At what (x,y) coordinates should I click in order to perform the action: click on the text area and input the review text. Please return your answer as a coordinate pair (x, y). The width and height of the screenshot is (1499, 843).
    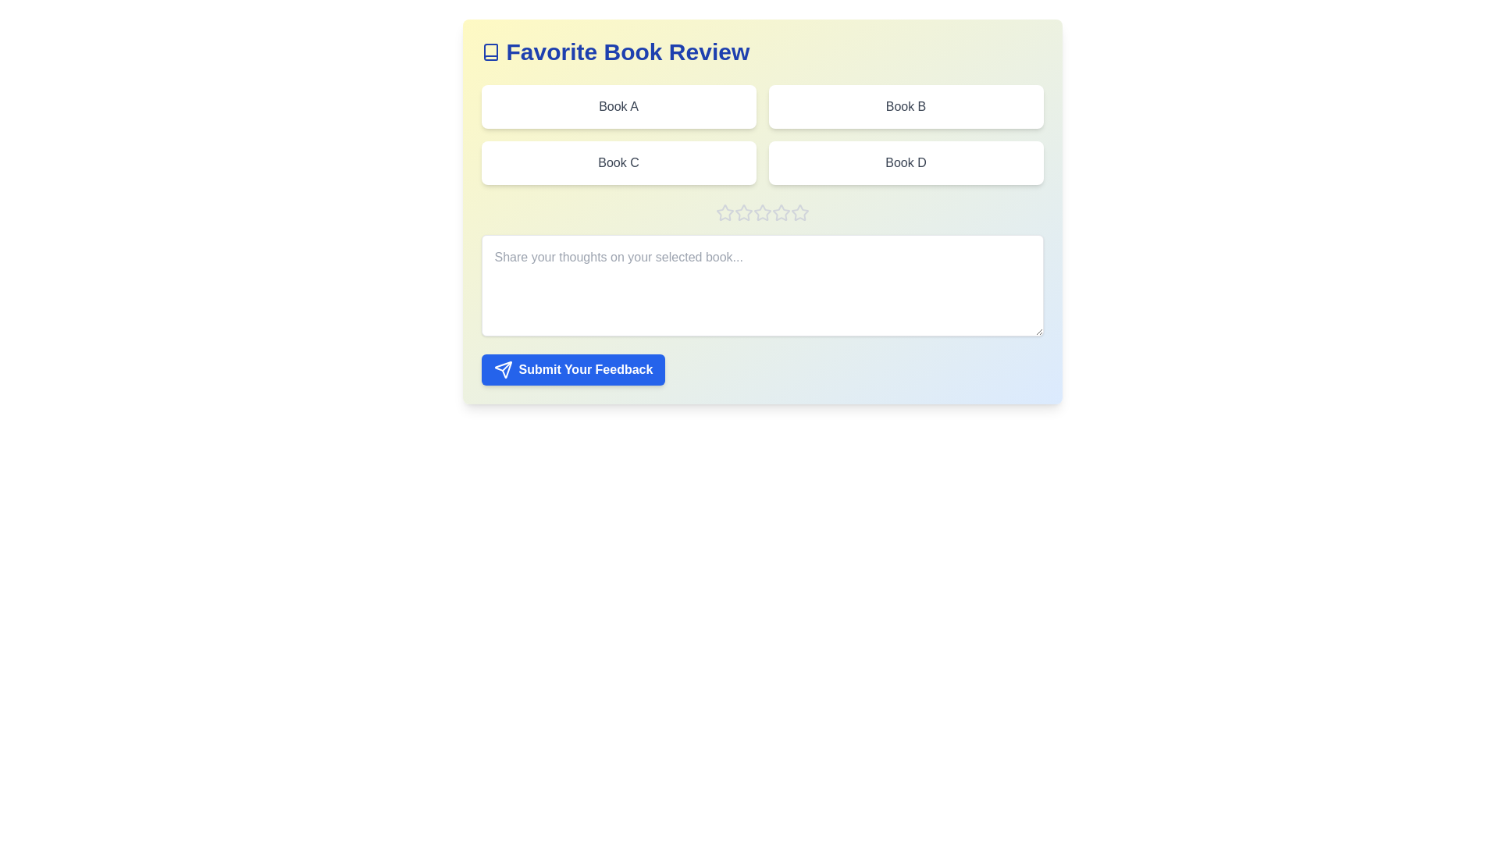
    Looking at the image, I should click on (762, 286).